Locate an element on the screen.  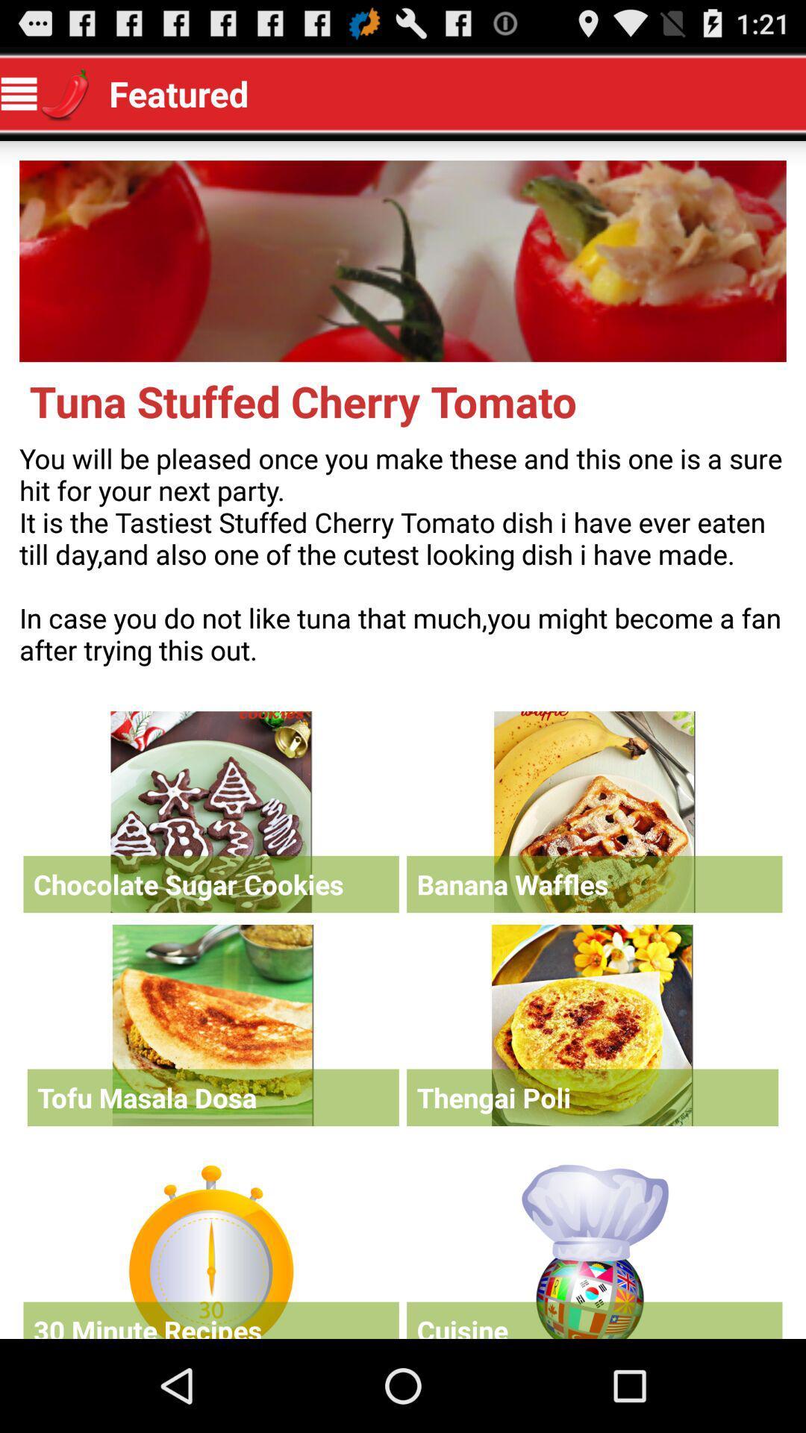
30 minute recipes is located at coordinates (211, 1248).